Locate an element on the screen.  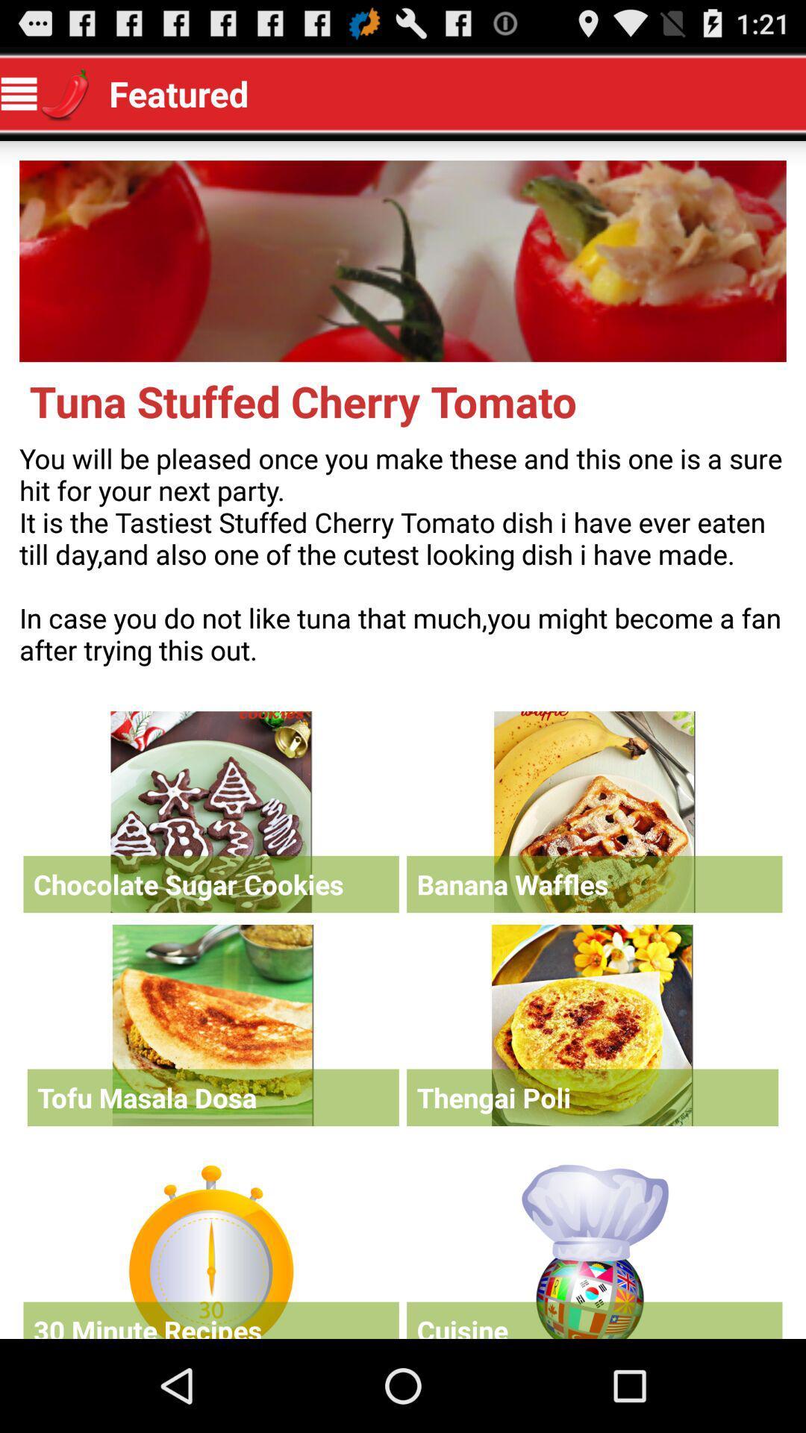
30 minute recipes is located at coordinates (211, 1248).